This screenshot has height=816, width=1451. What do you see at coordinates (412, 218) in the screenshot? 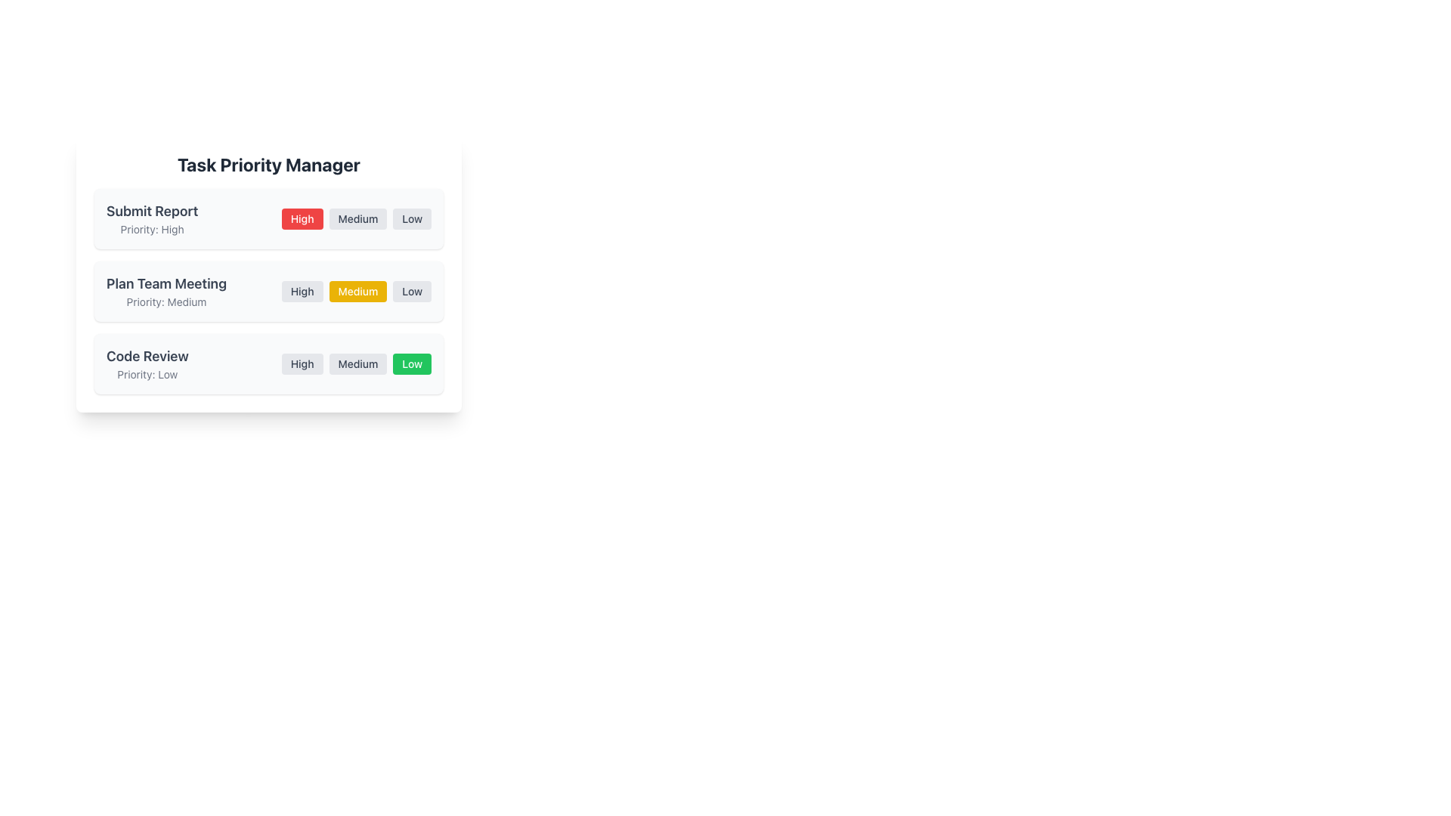
I see `the 'Low' priority button, which is the third button in a row of three, located to the right of the 'High' and 'Medium' buttons in the priority selection list` at bounding box center [412, 218].